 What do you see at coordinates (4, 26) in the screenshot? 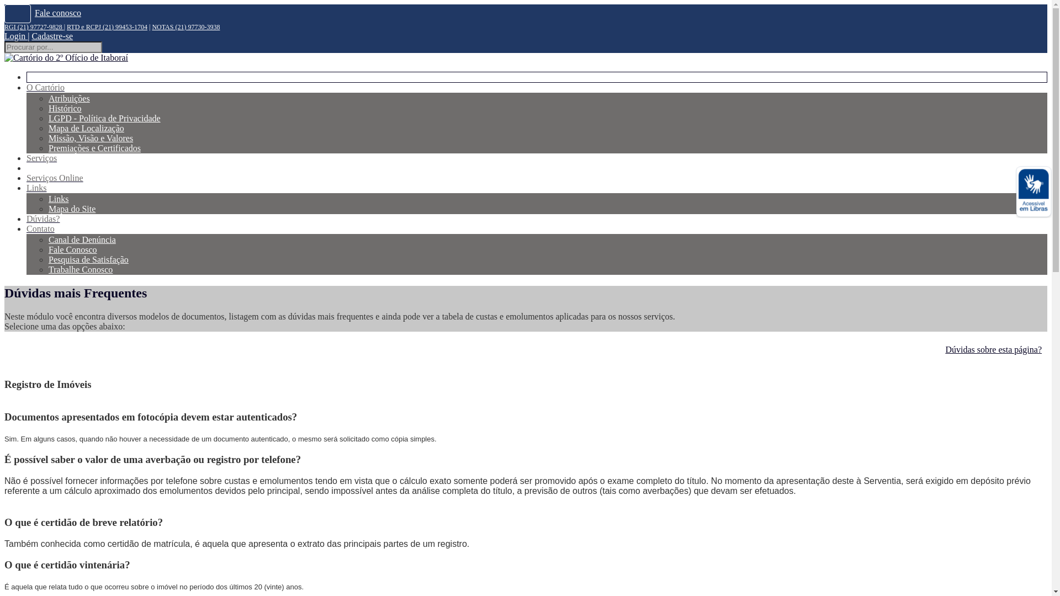
I see `'RGI (21) 97727-9828'` at bounding box center [4, 26].